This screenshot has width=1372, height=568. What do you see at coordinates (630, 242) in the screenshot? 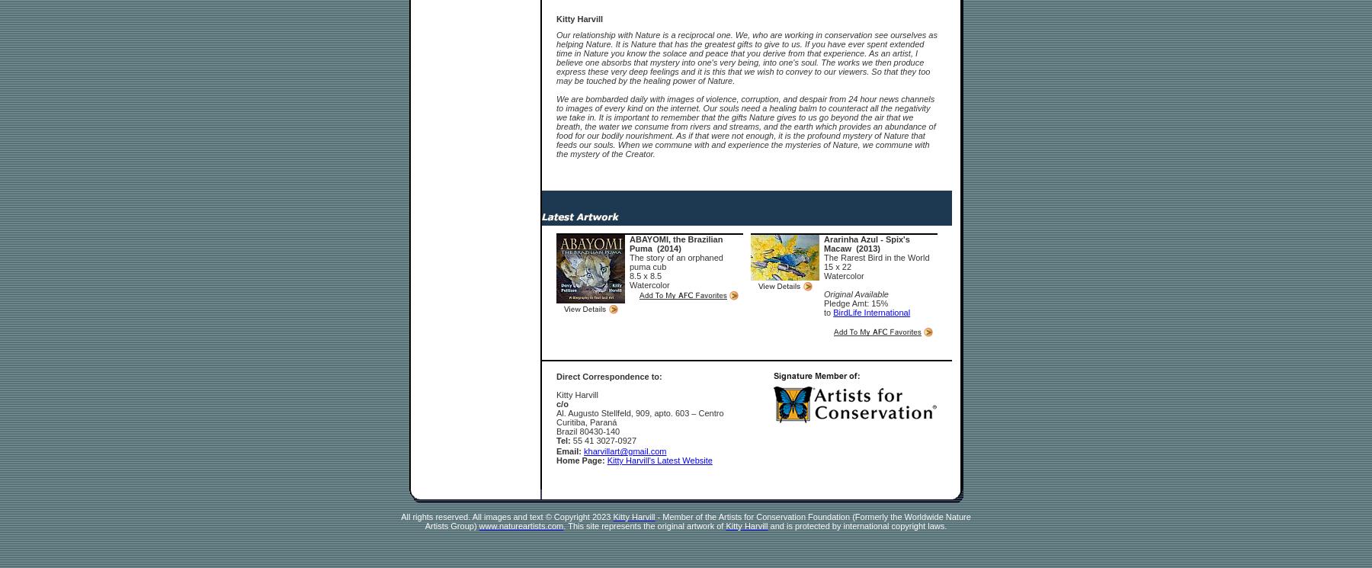
I see `'ABAYOMI, the Brazilian Puma  
                  
                  (2014)'` at bounding box center [630, 242].